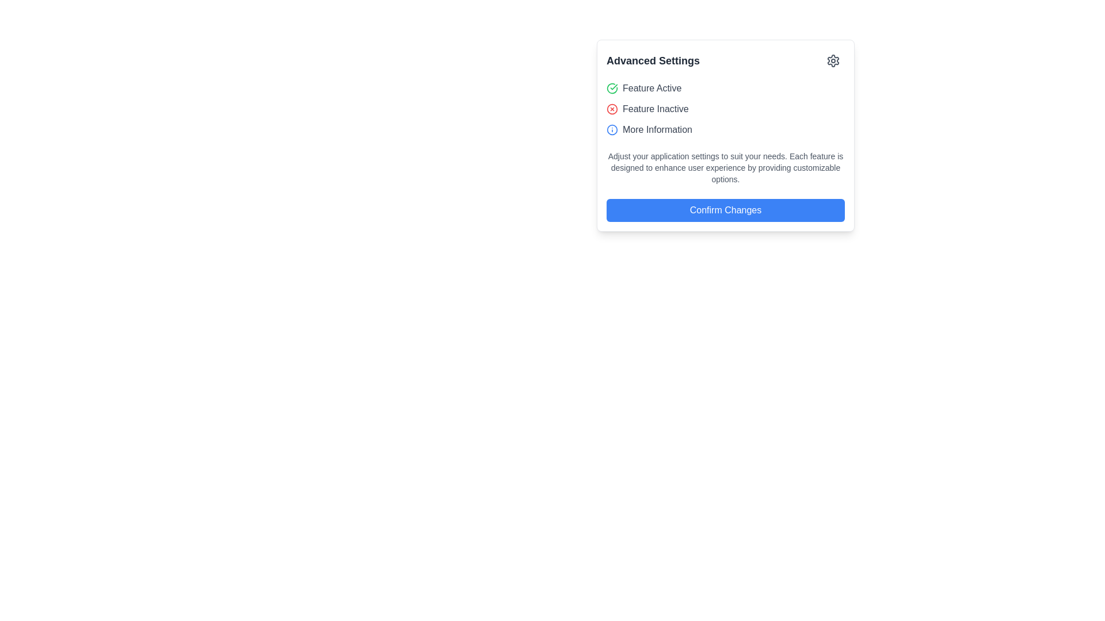 Image resolution: width=1105 pixels, height=621 pixels. What do you see at coordinates (833, 60) in the screenshot?
I see `the small gray gear icon located at the top-right corner of the modal` at bounding box center [833, 60].